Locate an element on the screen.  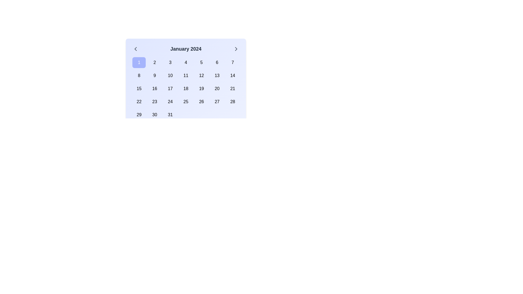
the button labeled '17' in the calendar grid is located at coordinates (170, 88).